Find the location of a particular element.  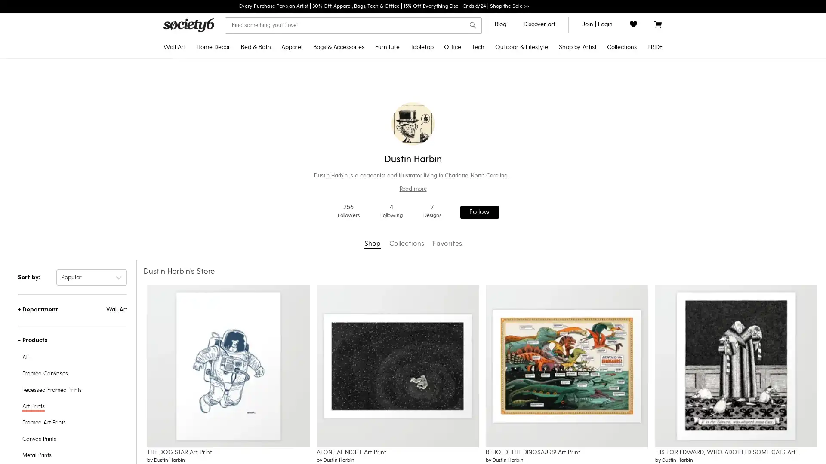

Pillow Shams is located at coordinates (274, 96).